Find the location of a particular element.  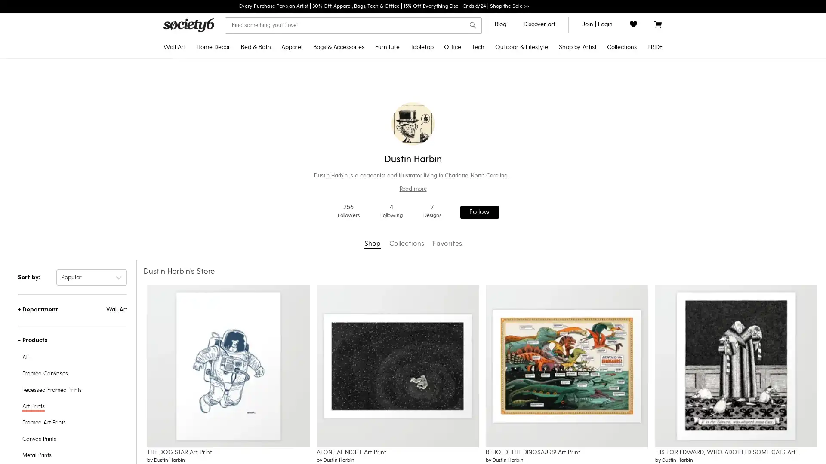

Pillow Shams is located at coordinates (274, 96).